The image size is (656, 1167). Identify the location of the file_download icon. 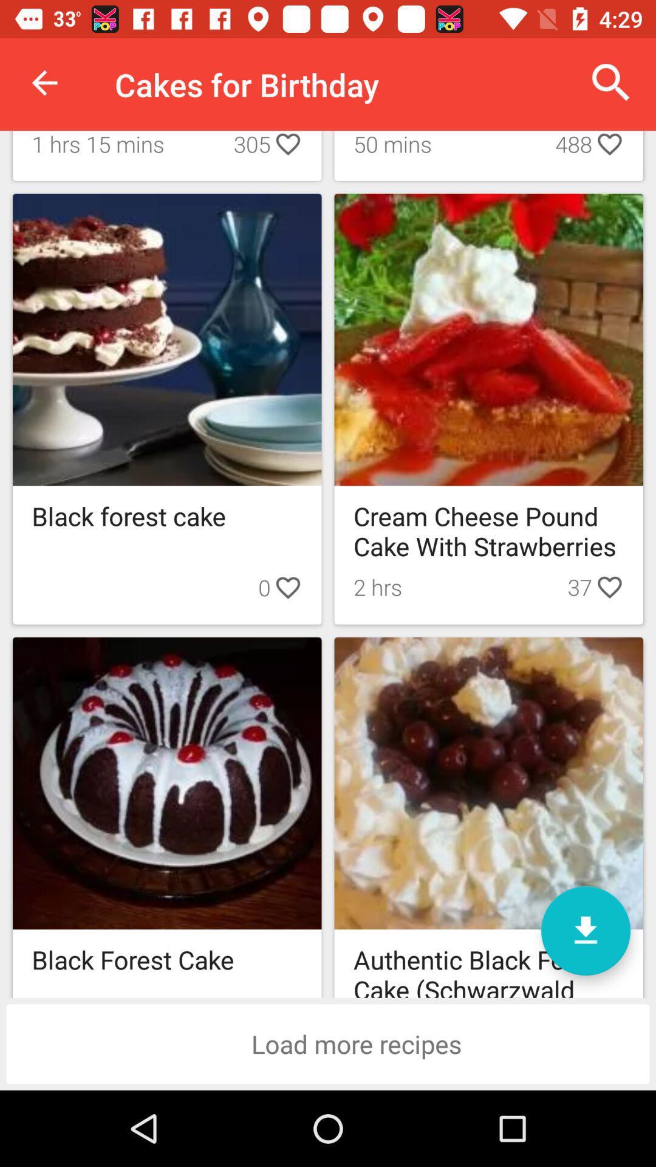
(585, 930).